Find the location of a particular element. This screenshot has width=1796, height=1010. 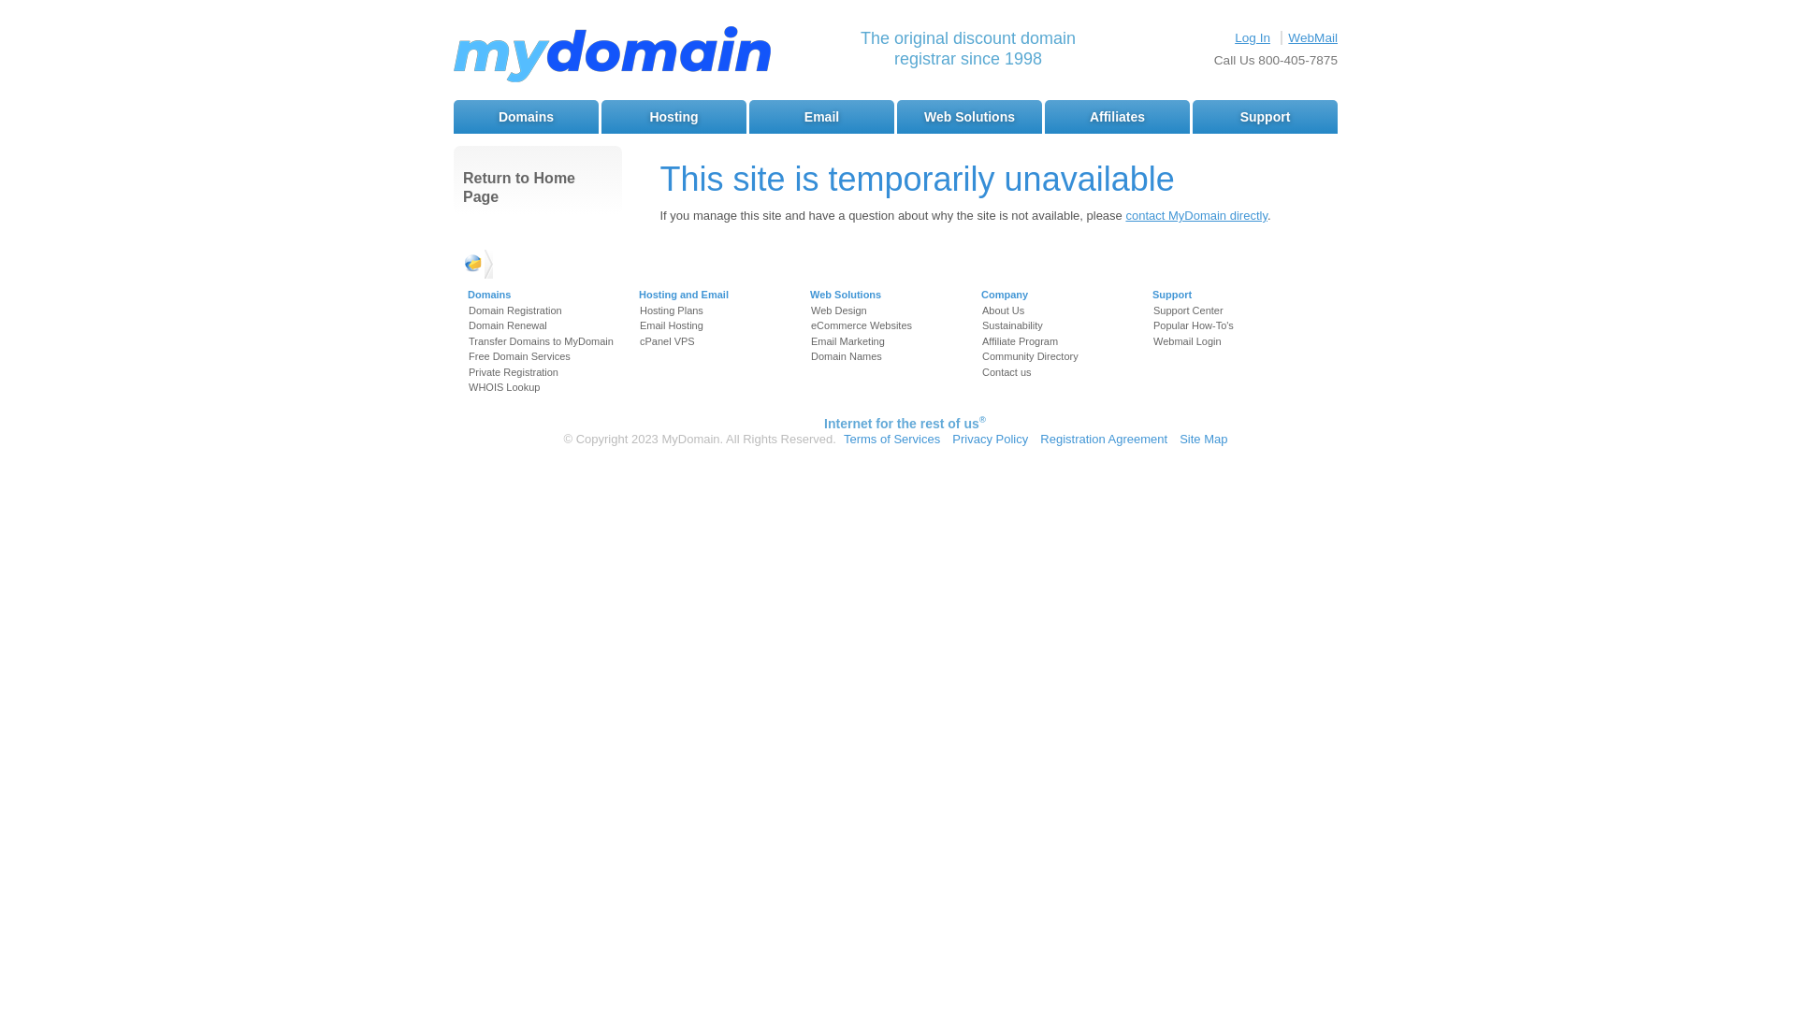

'Support' is located at coordinates (1265, 116).